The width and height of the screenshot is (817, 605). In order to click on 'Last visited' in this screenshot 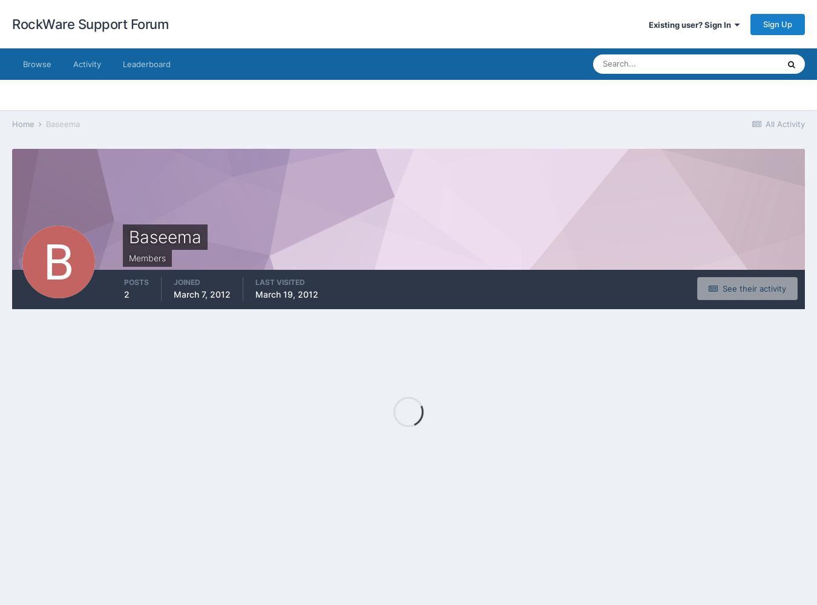, I will do `click(255, 281)`.